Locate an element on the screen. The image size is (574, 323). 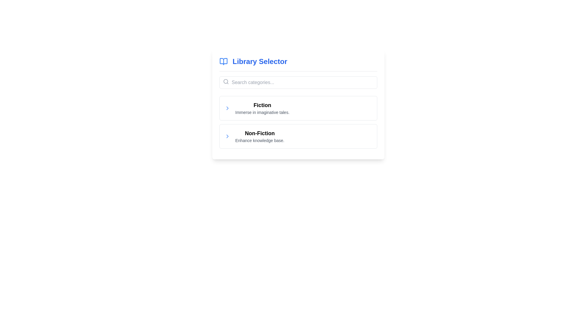
the SVG circle element inside the magnifying glass icon, which is styled with a line stroke design and is located to the left of the search input field is located at coordinates (225, 81).